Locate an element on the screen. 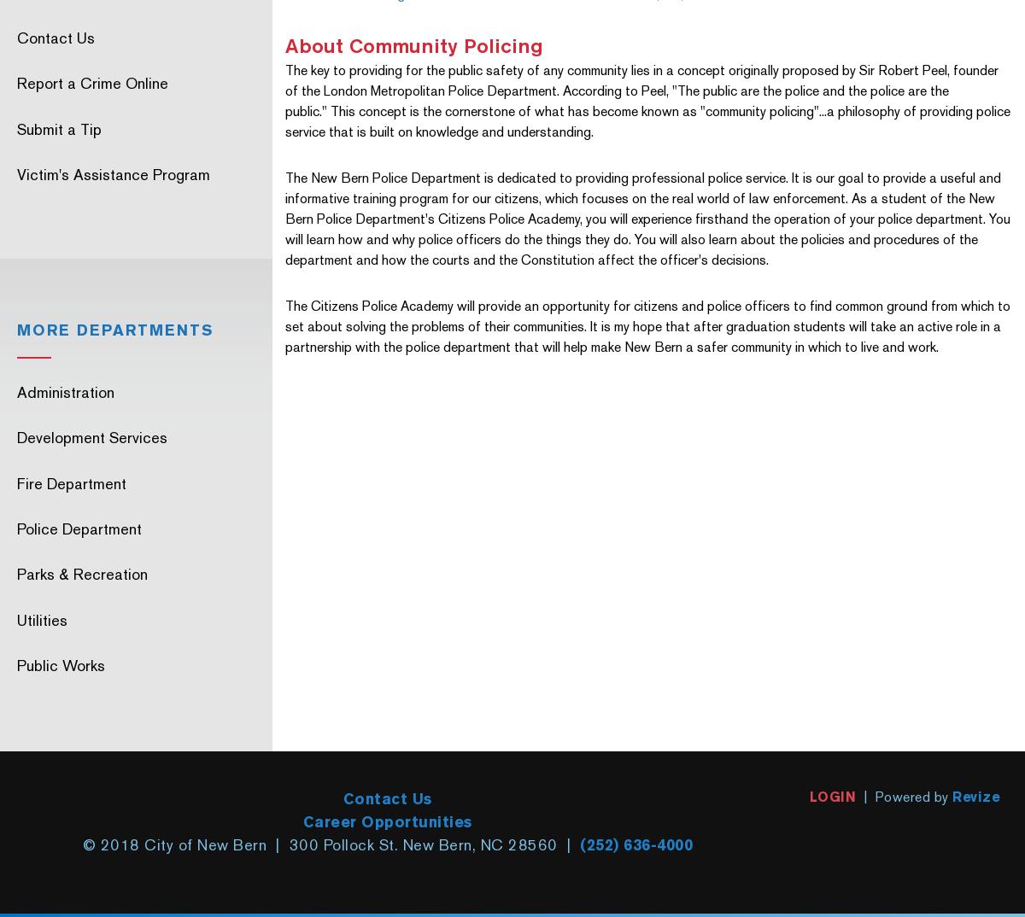 Image resolution: width=1025 pixels, height=917 pixels. 'Police Department' is located at coordinates (79, 529).